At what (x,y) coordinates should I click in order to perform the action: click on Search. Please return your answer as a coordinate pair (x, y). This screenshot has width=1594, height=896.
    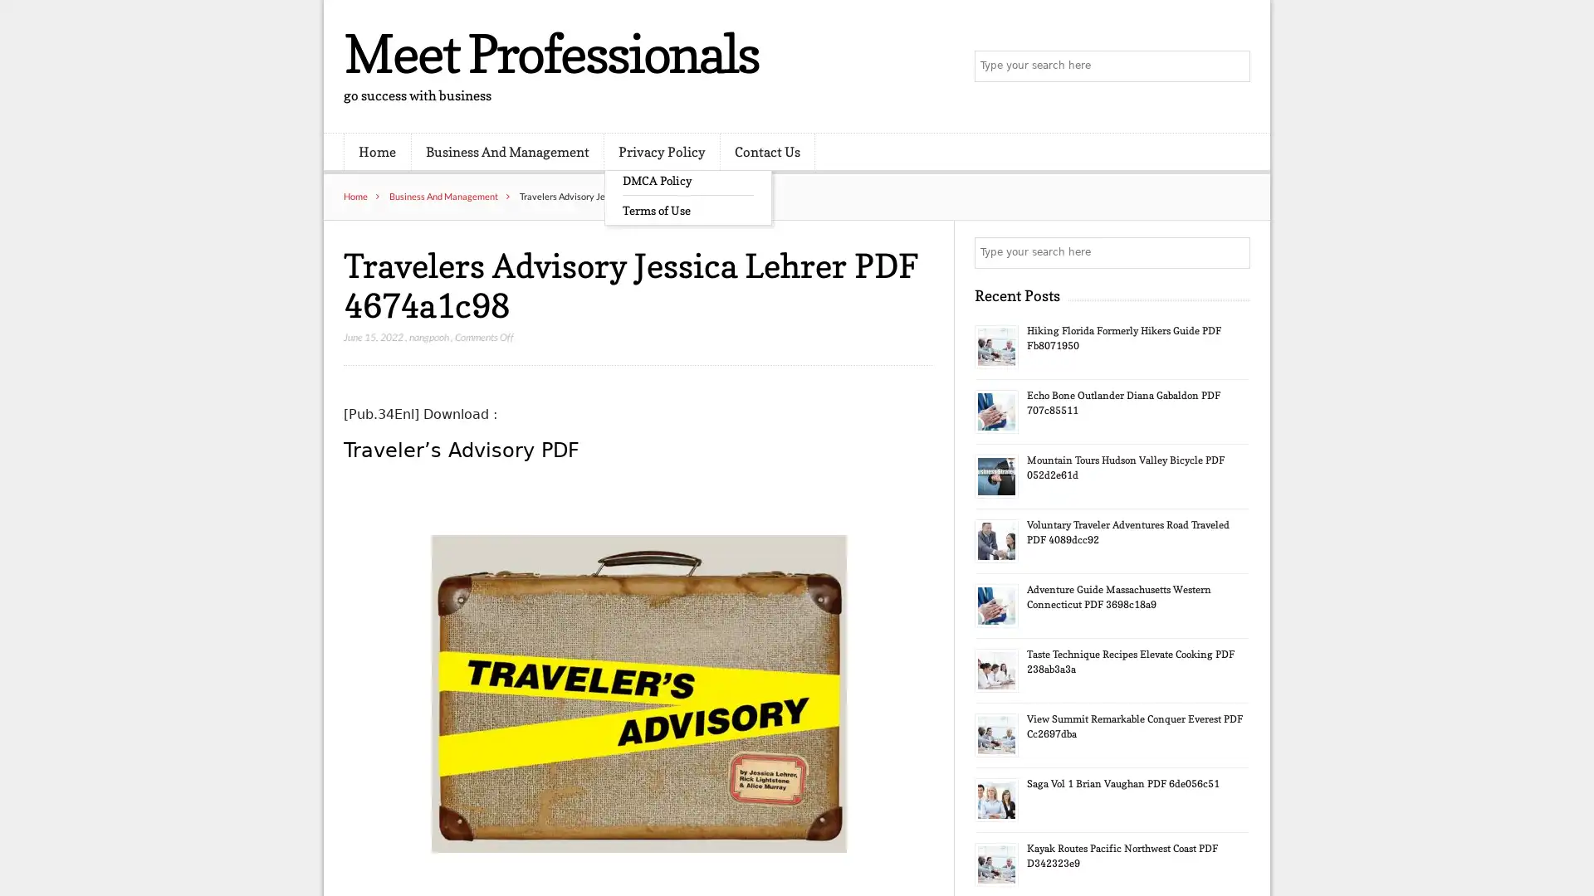
    Looking at the image, I should click on (1233, 252).